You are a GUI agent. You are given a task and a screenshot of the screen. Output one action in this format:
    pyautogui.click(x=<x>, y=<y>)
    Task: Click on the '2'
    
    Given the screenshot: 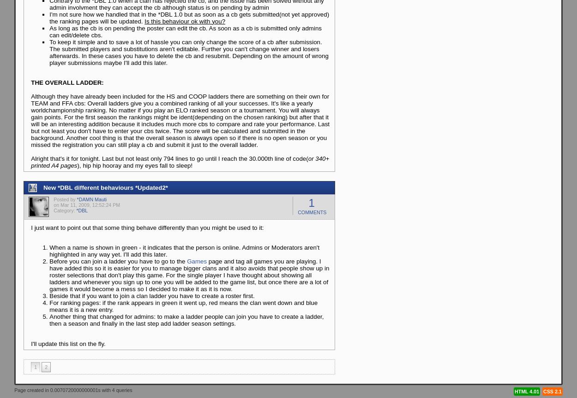 What is the action you would take?
    pyautogui.click(x=46, y=367)
    